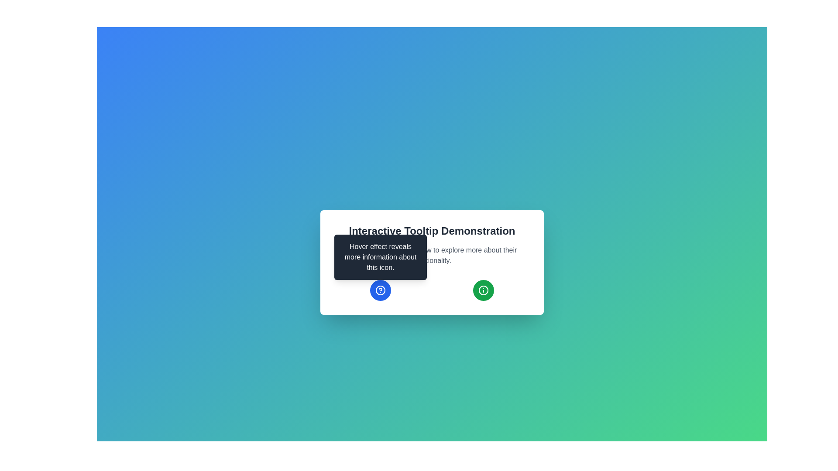  I want to click on the interactive buttons in the grid located below the short description paragraph within the card-like interface, so click(432, 290).